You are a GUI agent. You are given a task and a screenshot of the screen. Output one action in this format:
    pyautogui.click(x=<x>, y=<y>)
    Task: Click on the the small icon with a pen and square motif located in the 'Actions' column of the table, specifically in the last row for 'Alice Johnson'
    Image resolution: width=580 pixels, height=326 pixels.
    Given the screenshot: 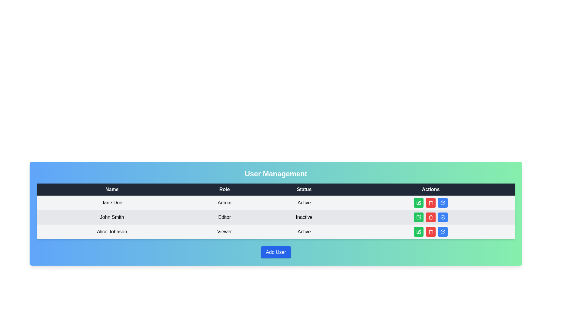 What is the action you would take?
    pyautogui.click(x=419, y=231)
    